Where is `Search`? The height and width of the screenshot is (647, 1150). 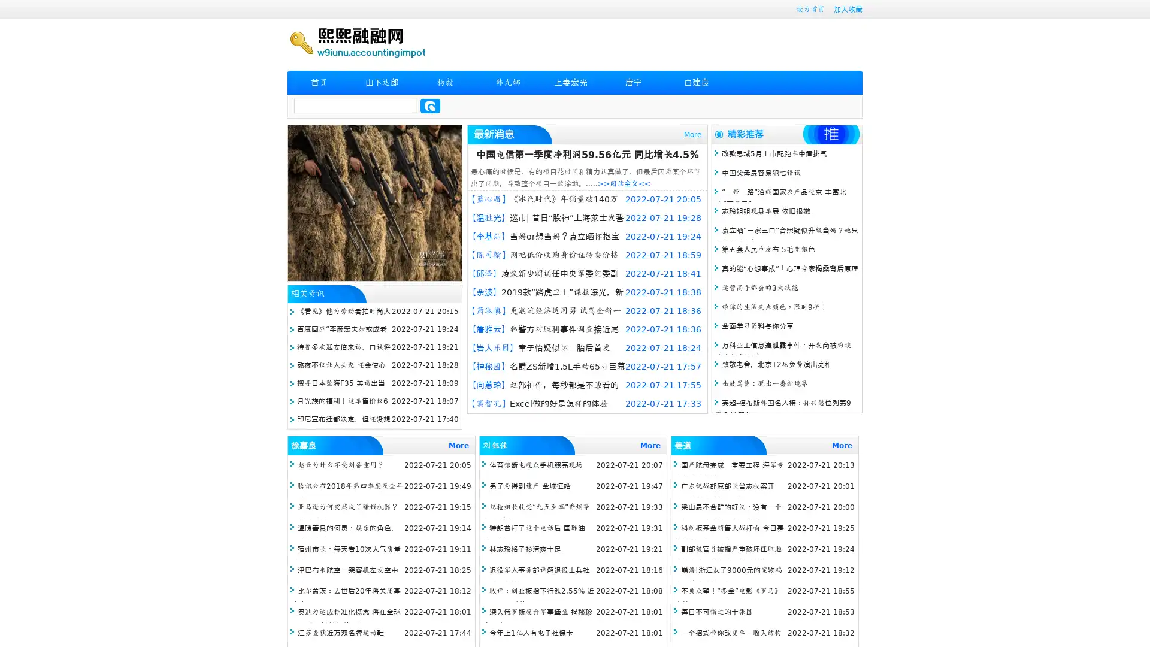 Search is located at coordinates (430, 105).